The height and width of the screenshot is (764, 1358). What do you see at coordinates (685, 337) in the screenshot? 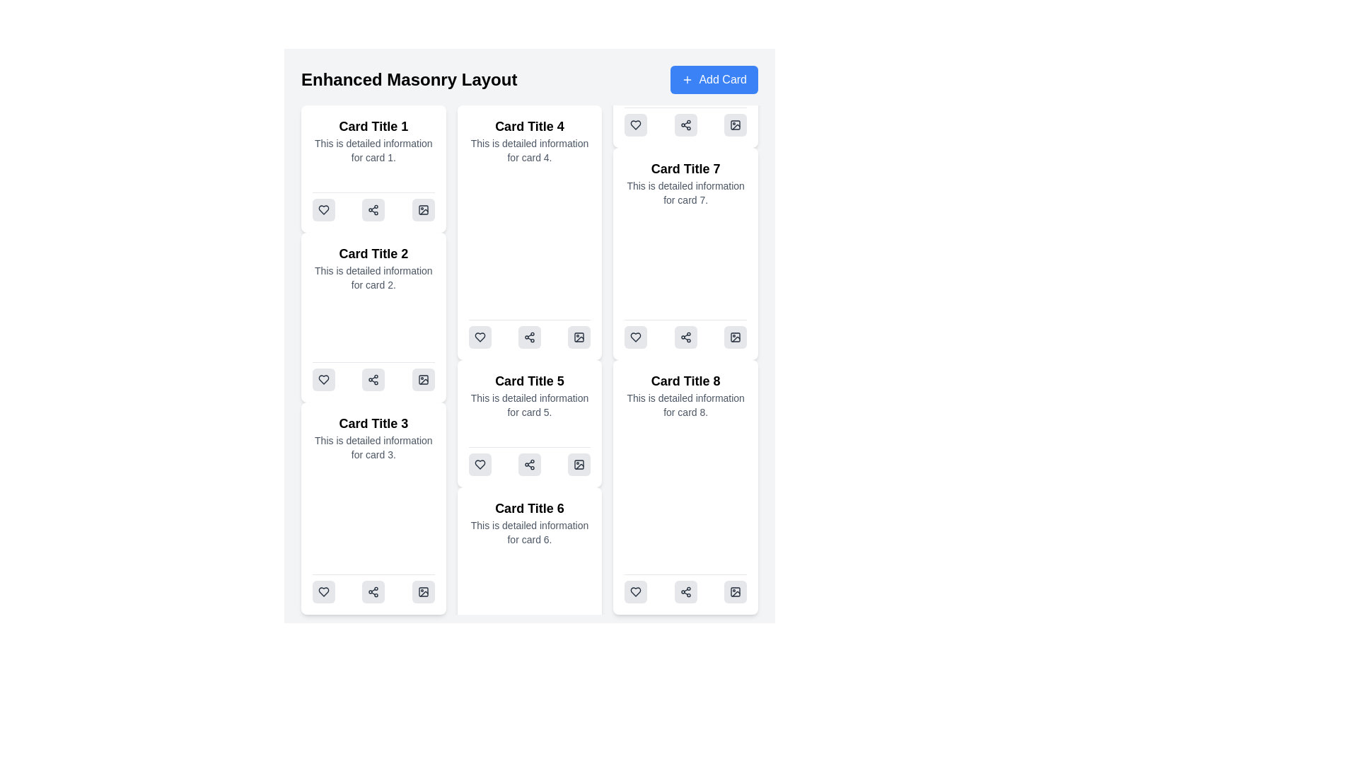
I see `the share button located at the bottom of 'Card Title 8'` at bounding box center [685, 337].